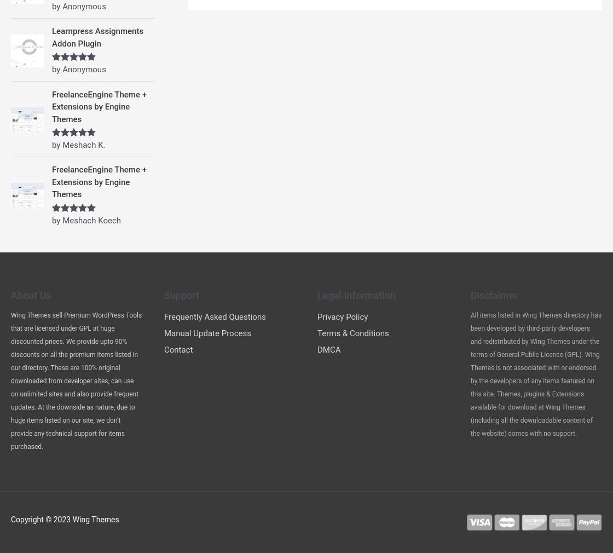  Describe the element at coordinates (76, 379) in the screenshot. I see `'Wing Themes sell Premium WordPress Tools that are licensed under GPL at huge discounted prices. We provide upto 90% discounts on all the premium items listed in our directory. These are 100% original downloaded from developer sites, can use on unlimited sites and also provide frequent updates. At the downside as nature, due to huge items listed on our site, we don’t provide any technical support for items purchased.'` at that location.